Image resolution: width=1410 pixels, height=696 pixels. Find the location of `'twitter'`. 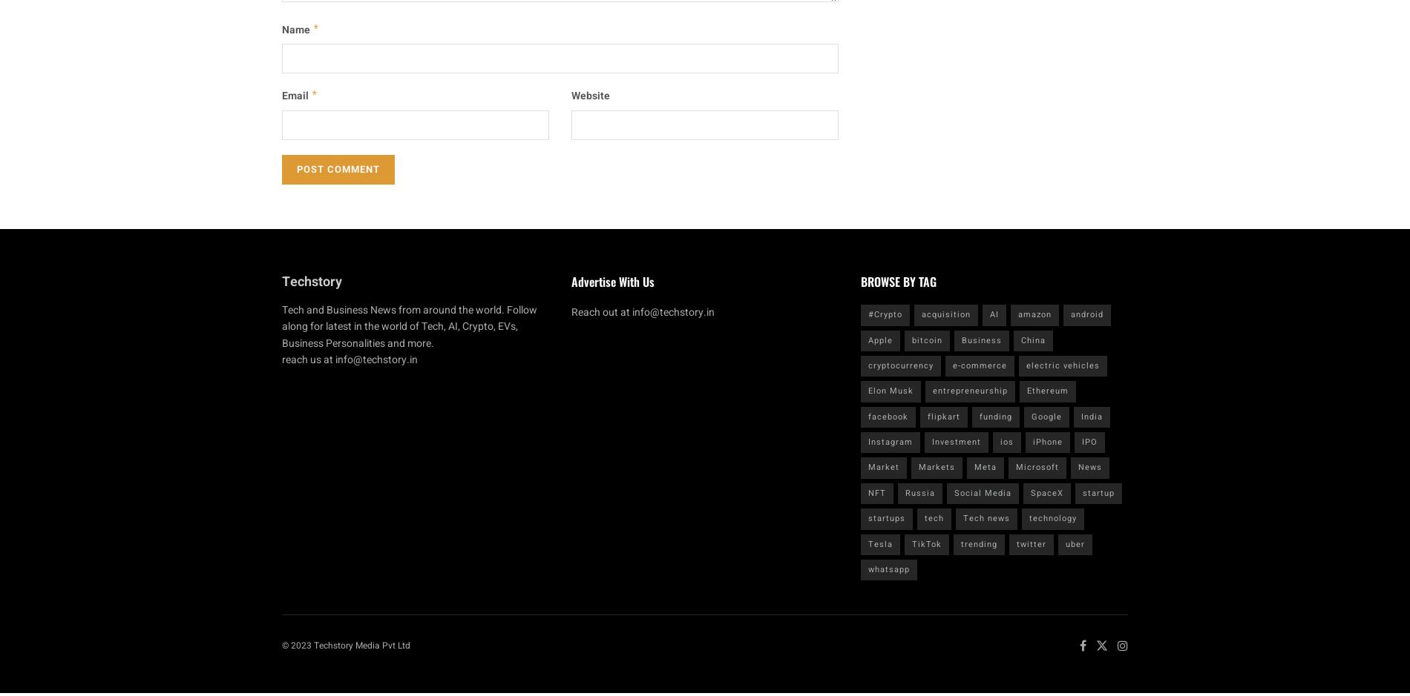

'twitter' is located at coordinates (1031, 543).